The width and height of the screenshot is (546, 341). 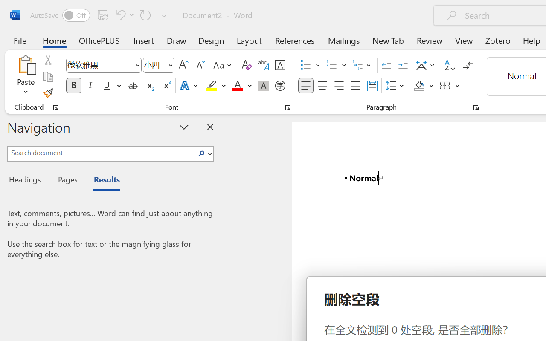 I want to click on 'AutoSave', so click(x=59, y=15).